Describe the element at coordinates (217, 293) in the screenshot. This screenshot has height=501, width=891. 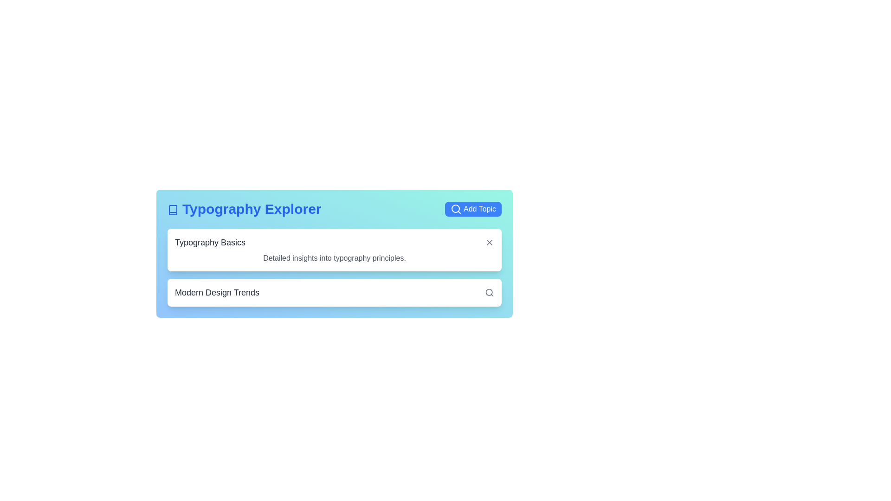
I see `the Text Label that displays 'Modern Design Trends', located at the bottom center of the card under 'Typography Explorer'` at that location.